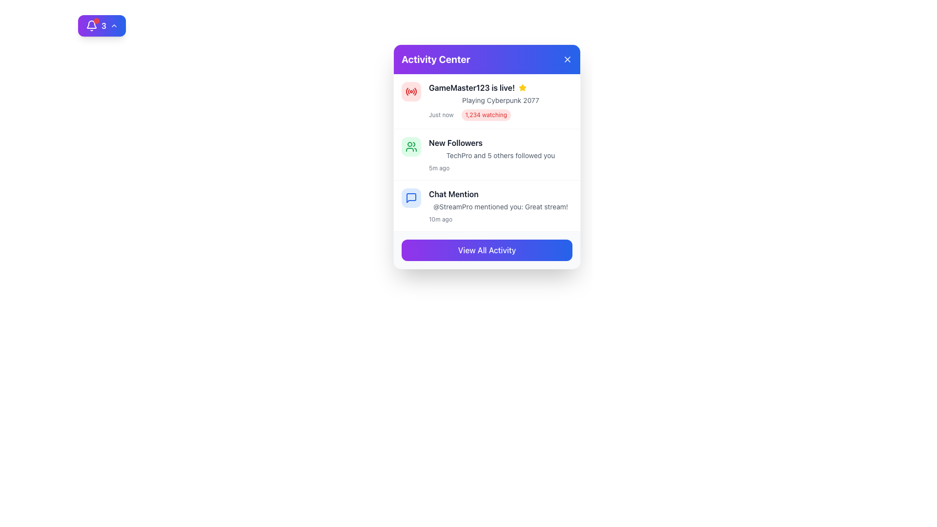 The image size is (937, 527). I want to click on the small 'close' button styled as an 'X' icon located, so click(567, 60).